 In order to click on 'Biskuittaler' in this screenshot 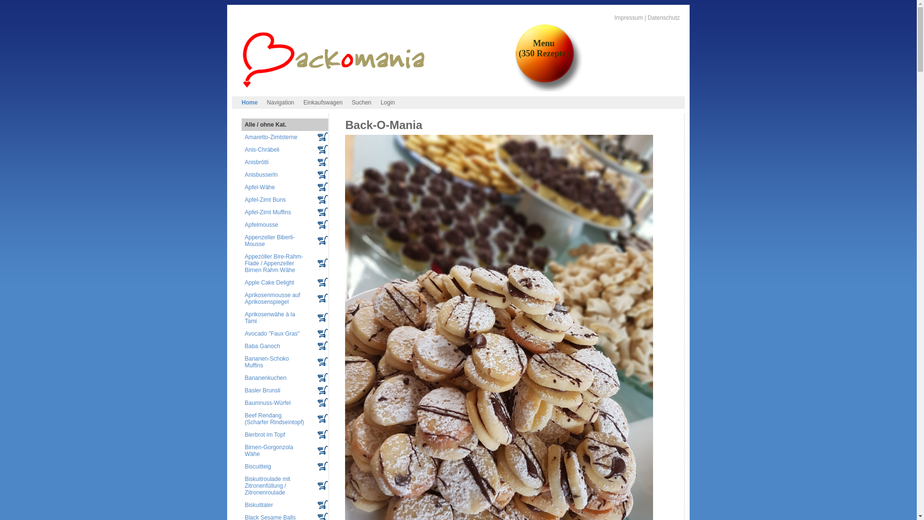, I will do `click(258, 505)`.